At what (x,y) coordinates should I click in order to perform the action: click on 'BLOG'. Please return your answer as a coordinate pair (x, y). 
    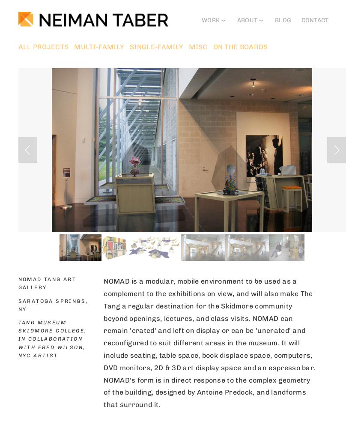
    Looking at the image, I should click on (283, 20).